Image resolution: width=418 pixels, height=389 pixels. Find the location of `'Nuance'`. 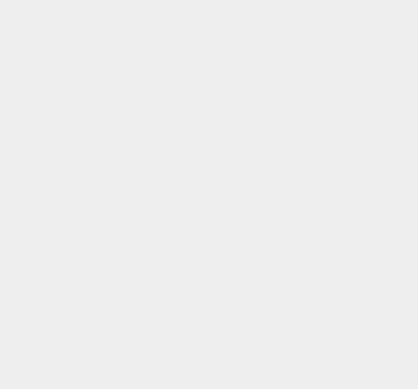

'Nuance' is located at coordinates (304, 176).